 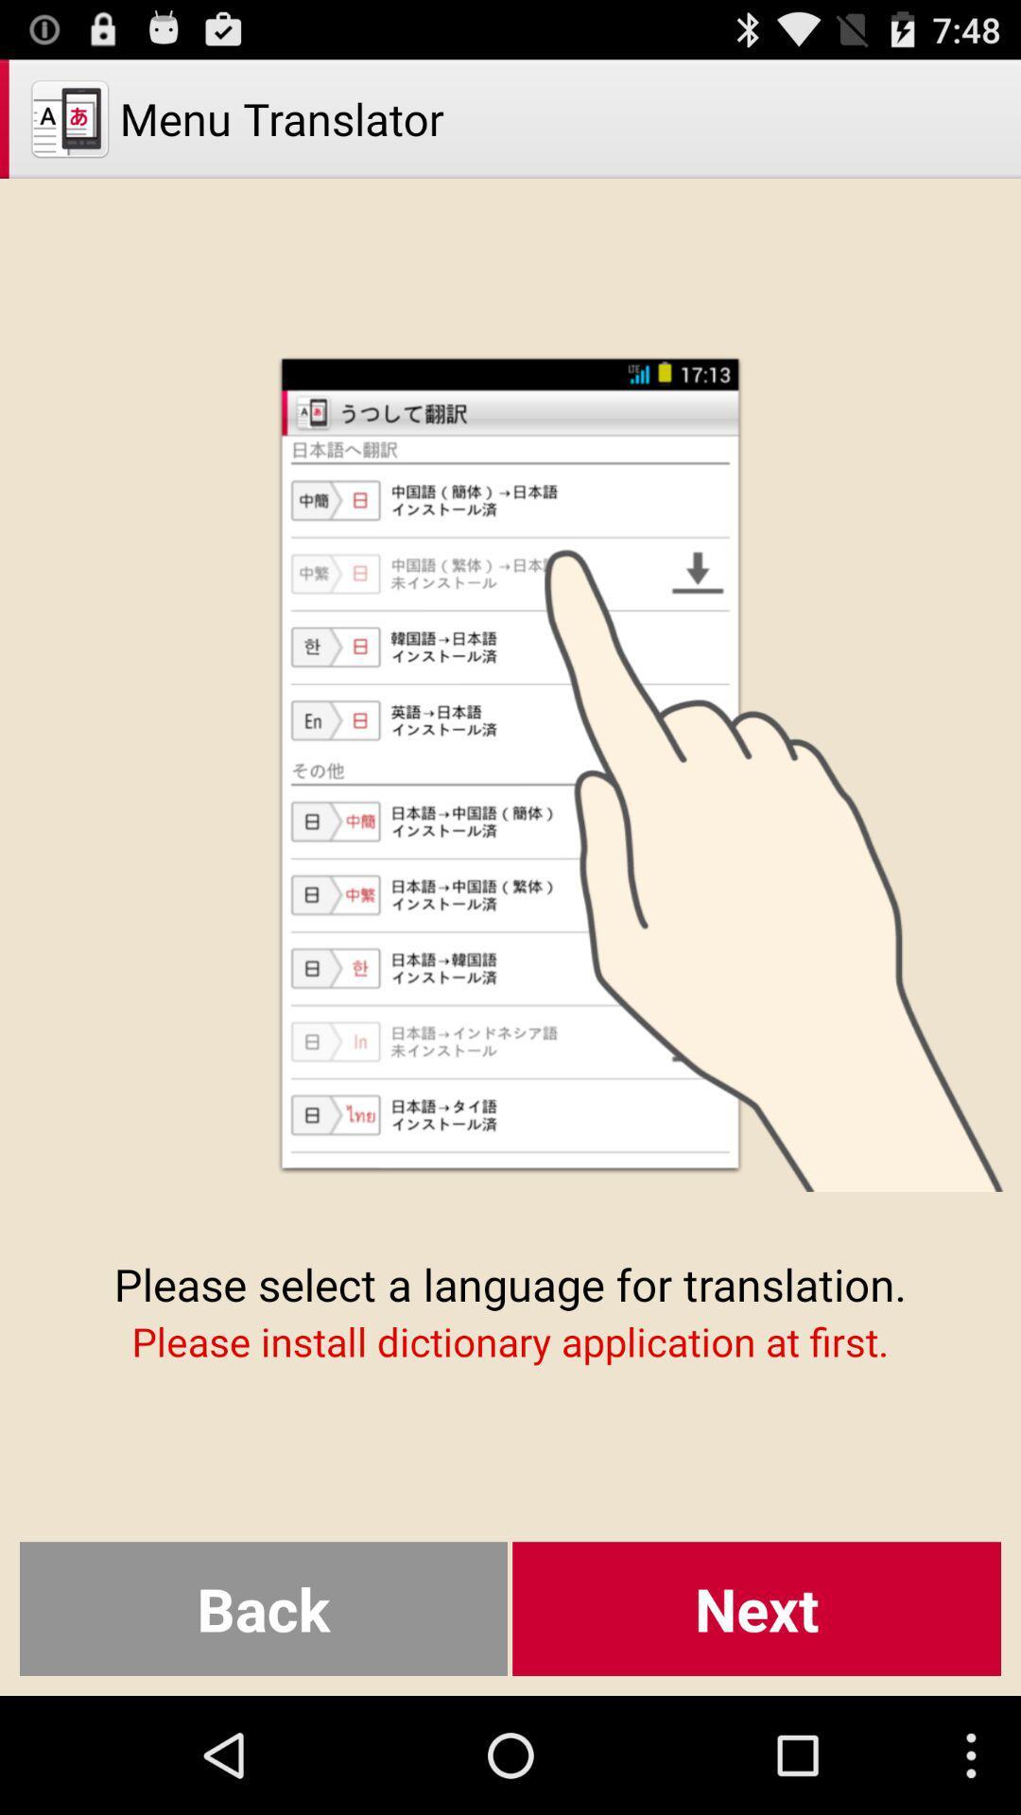 I want to click on the next at the bottom right corner, so click(x=755, y=1608).